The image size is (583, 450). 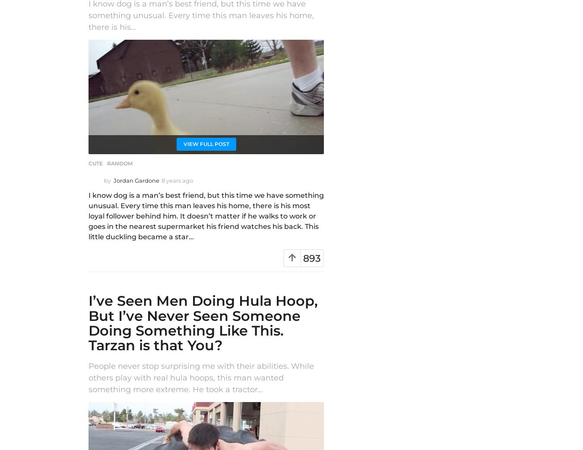 I want to click on 'People never stop surprising me with their abilities. While others play with real hula hoops, this man wanted something more extreme. He took a tractor...', so click(x=201, y=377).